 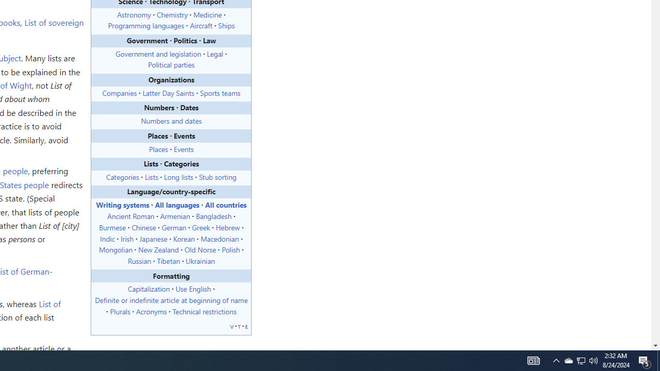 What do you see at coordinates (122, 176) in the screenshot?
I see `'Categories'` at bounding box center [122, 176].